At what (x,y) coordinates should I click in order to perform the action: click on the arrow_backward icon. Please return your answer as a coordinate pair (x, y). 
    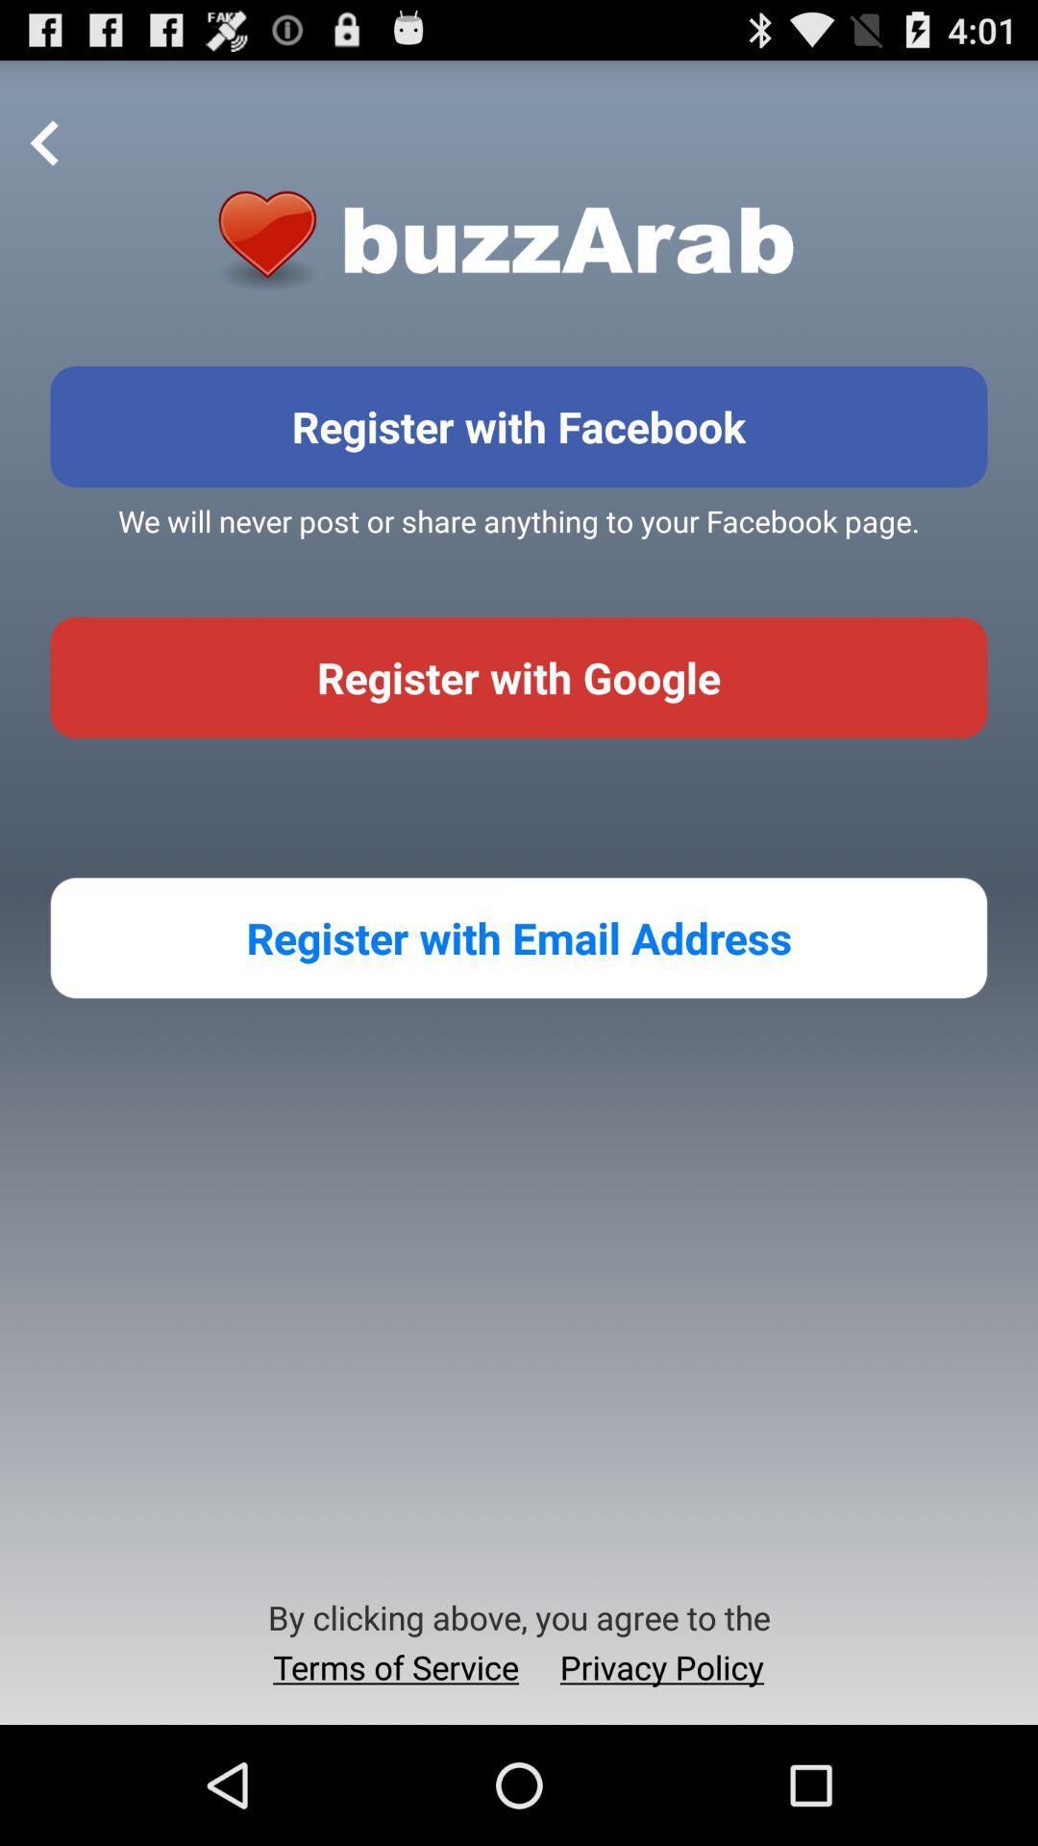
    Looking at the image, I should click on (44, 154).